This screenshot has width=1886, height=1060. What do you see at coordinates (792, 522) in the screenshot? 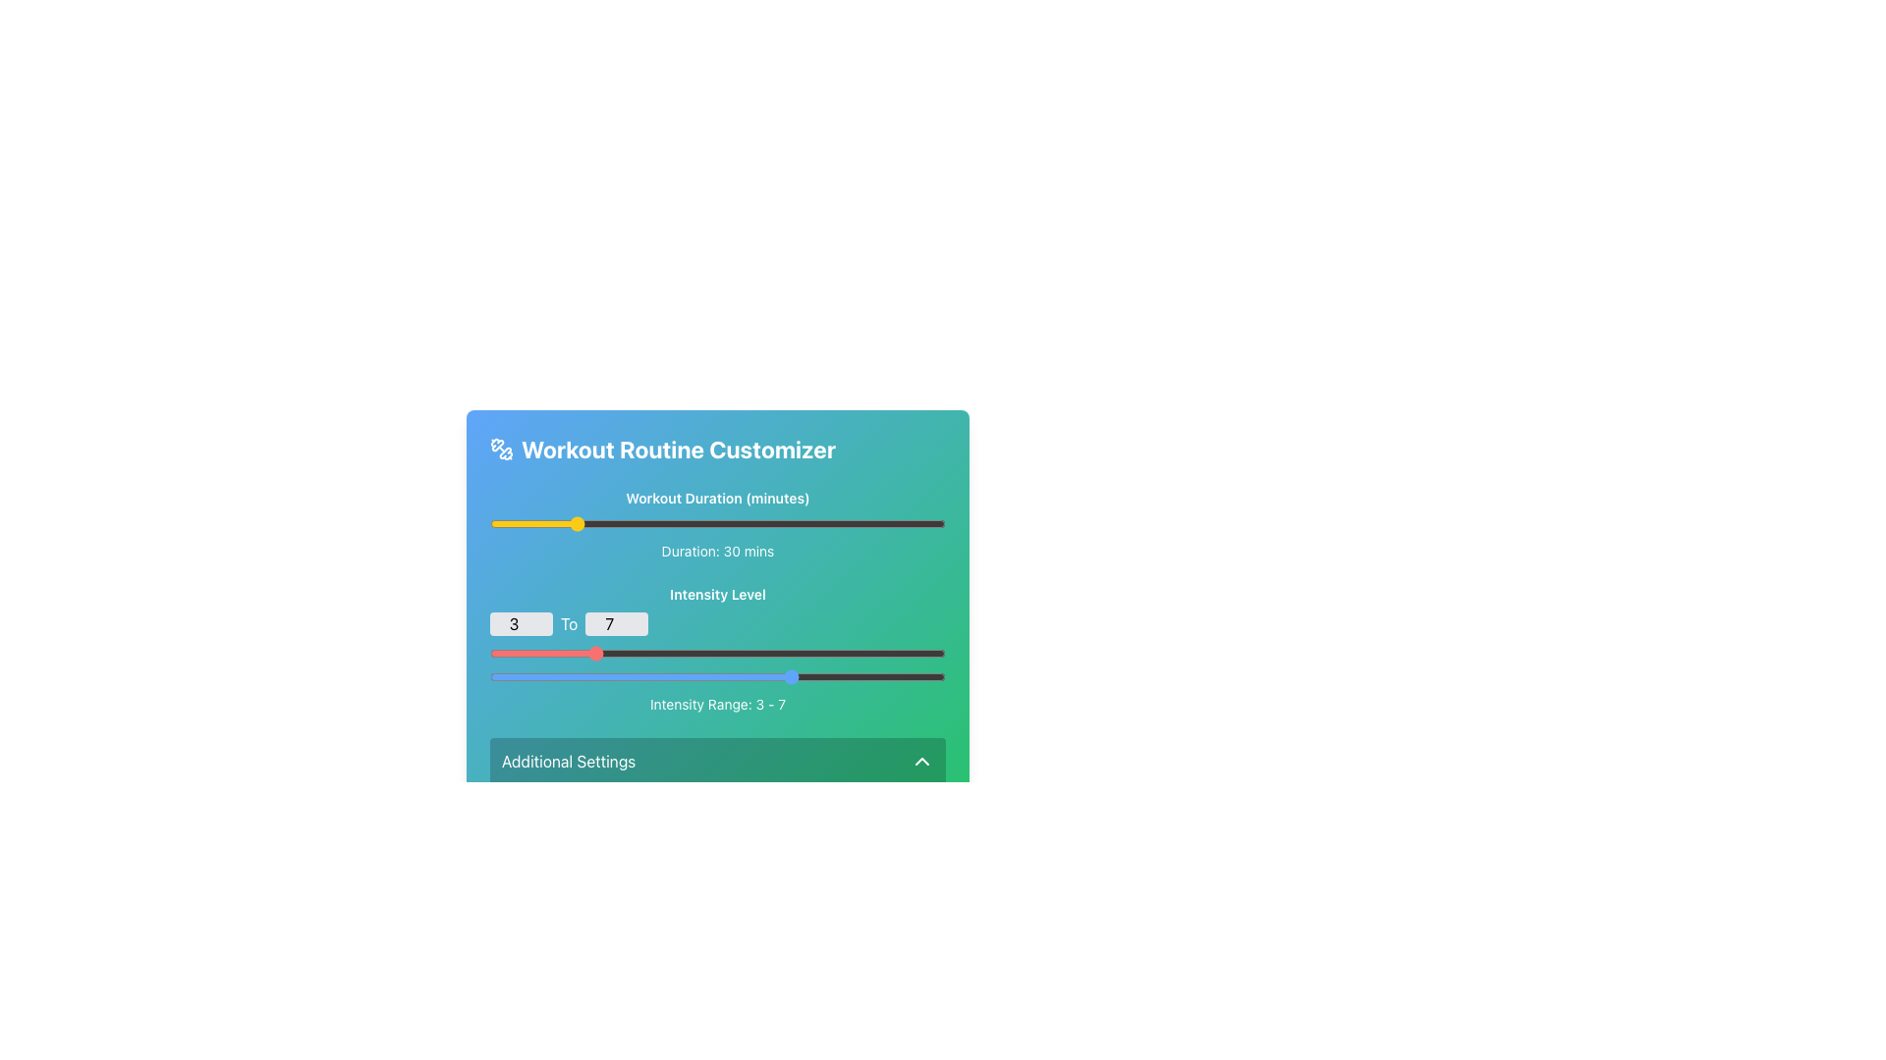
I see `workout duration` at bounding box center [792, 522].